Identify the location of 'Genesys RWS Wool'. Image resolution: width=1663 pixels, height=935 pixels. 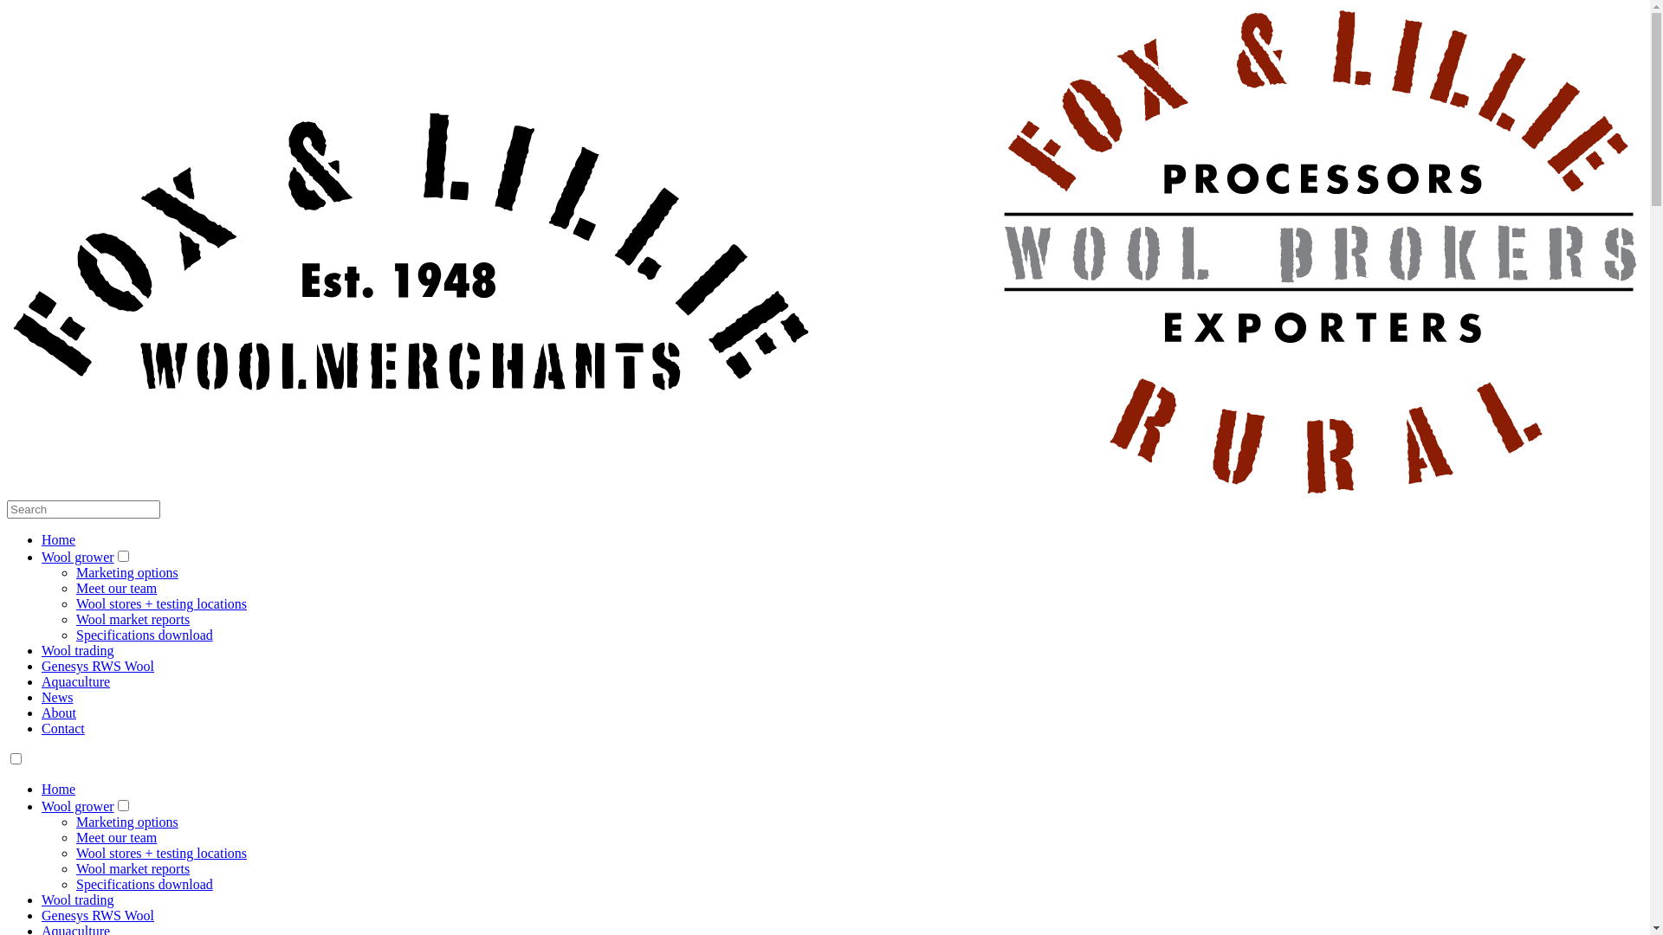
(97, 665).